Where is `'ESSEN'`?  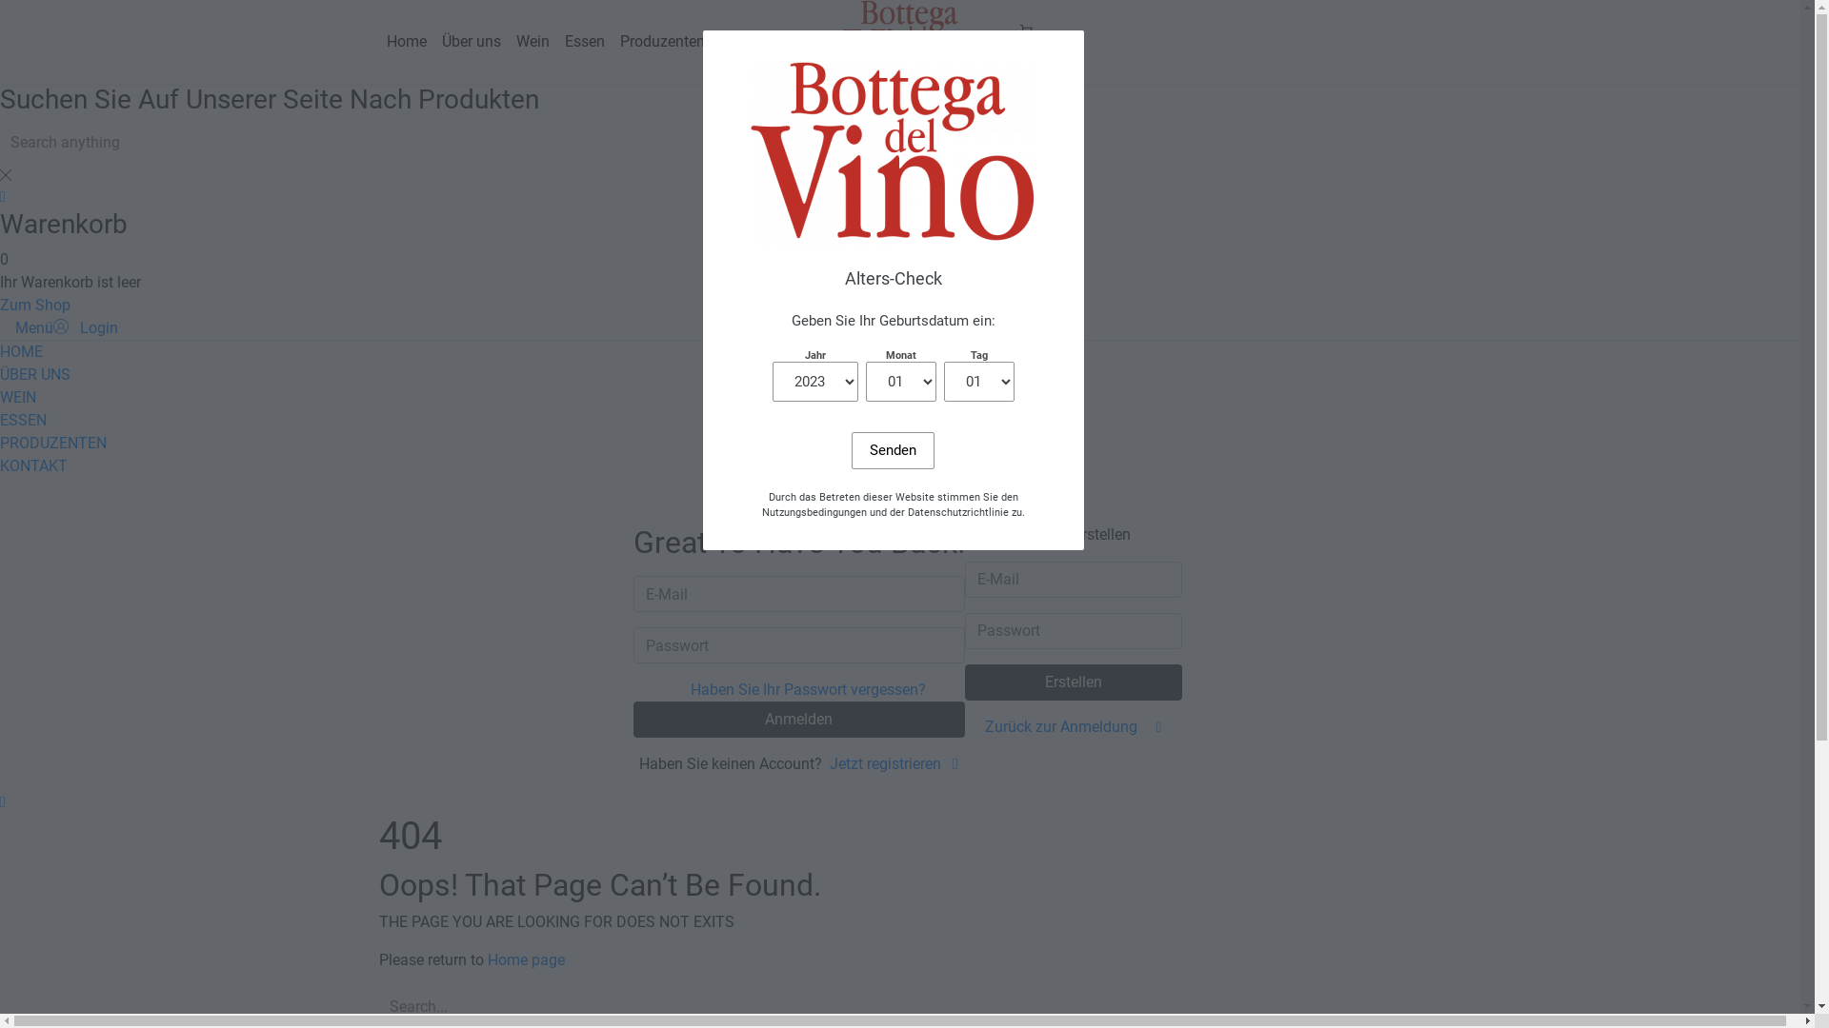 'ESSEN' is located at coordinates (23, 419).